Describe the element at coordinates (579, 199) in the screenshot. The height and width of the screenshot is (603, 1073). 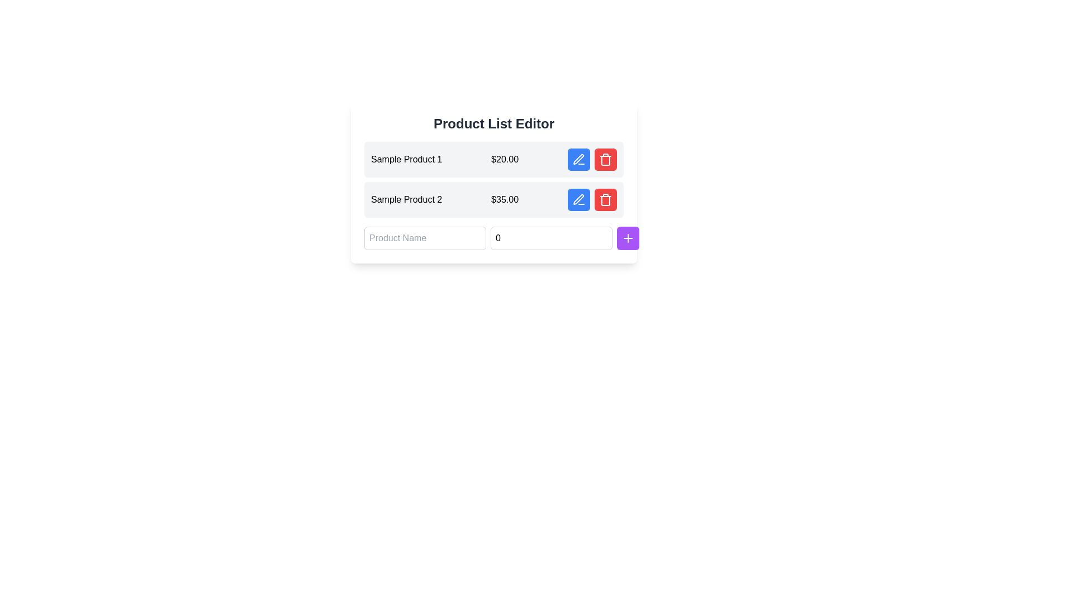
I see `the edit button with a blue background and pen icon located in the controls section of the second product row in the Product List Editor` at that location.